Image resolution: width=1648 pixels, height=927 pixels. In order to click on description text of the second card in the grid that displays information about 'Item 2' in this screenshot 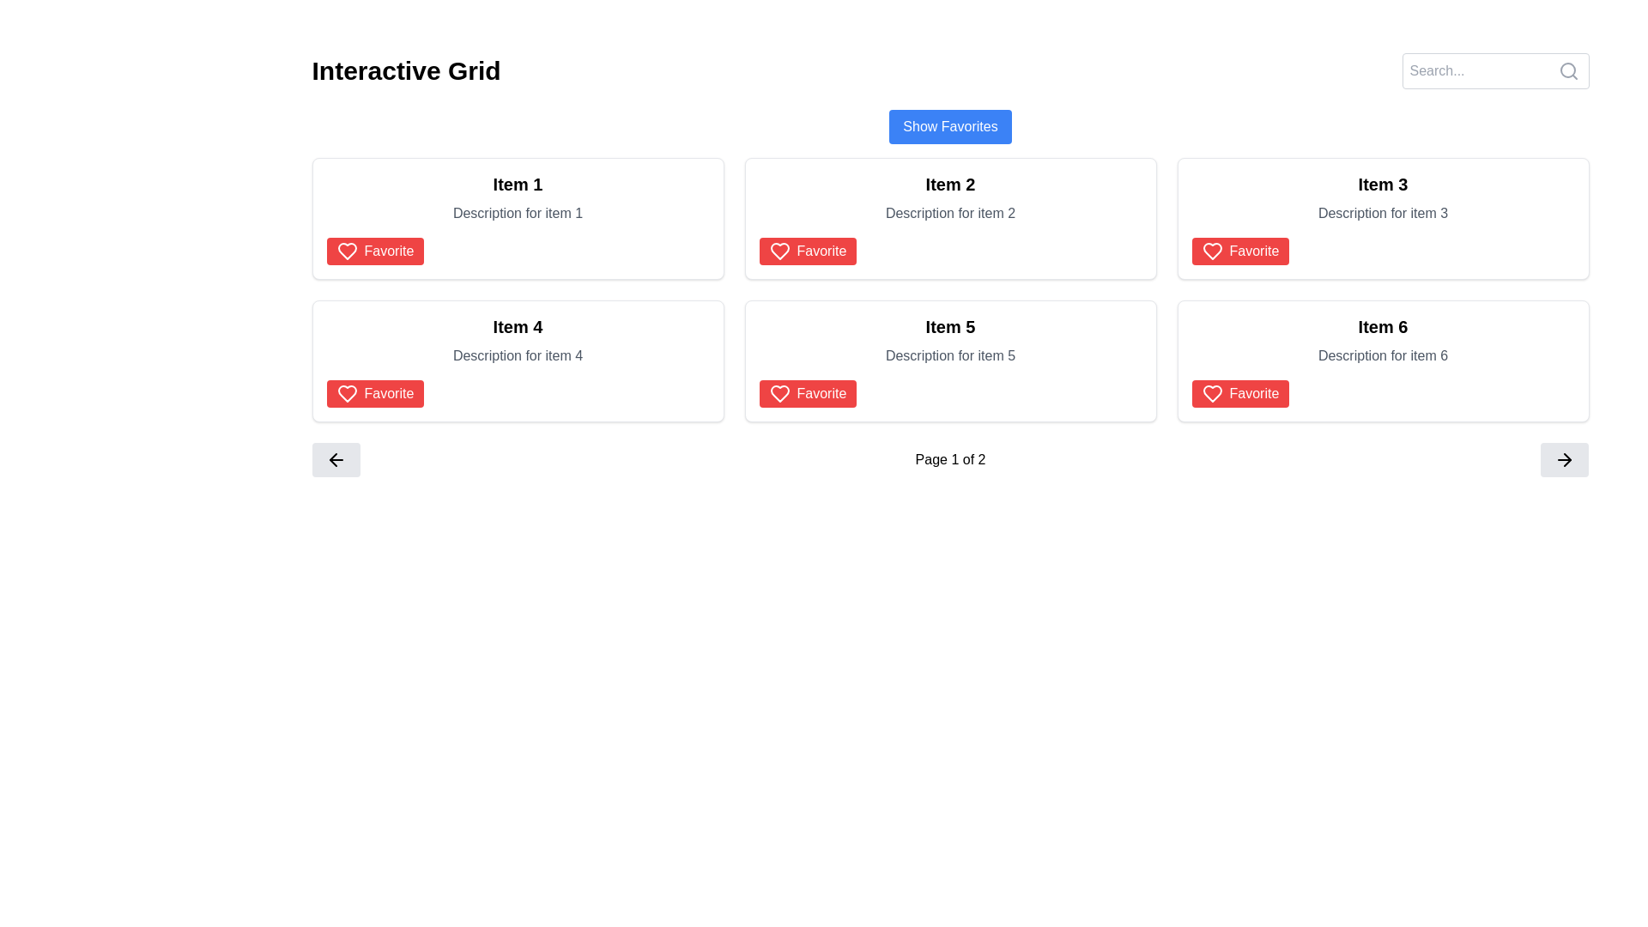, I will do `click(949, 217)`.